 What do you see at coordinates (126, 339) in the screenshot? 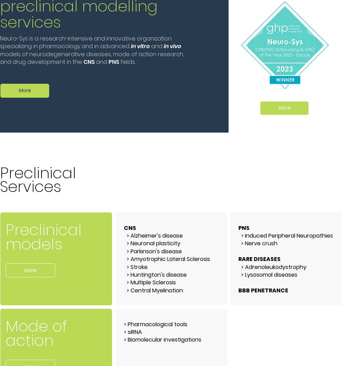
I see `'>'` at bounding box center [126, 339].